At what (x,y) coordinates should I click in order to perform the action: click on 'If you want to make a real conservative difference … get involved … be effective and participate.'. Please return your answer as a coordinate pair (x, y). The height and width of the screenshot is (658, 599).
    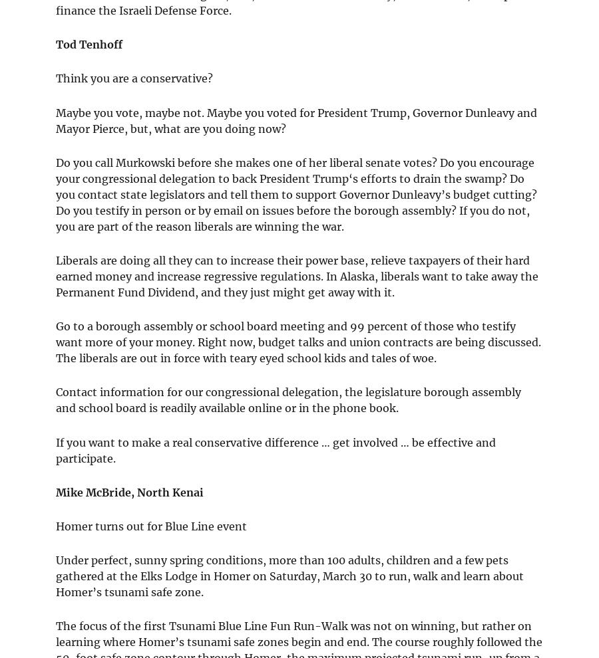
    Looking at the image, I should click on (276, 449).